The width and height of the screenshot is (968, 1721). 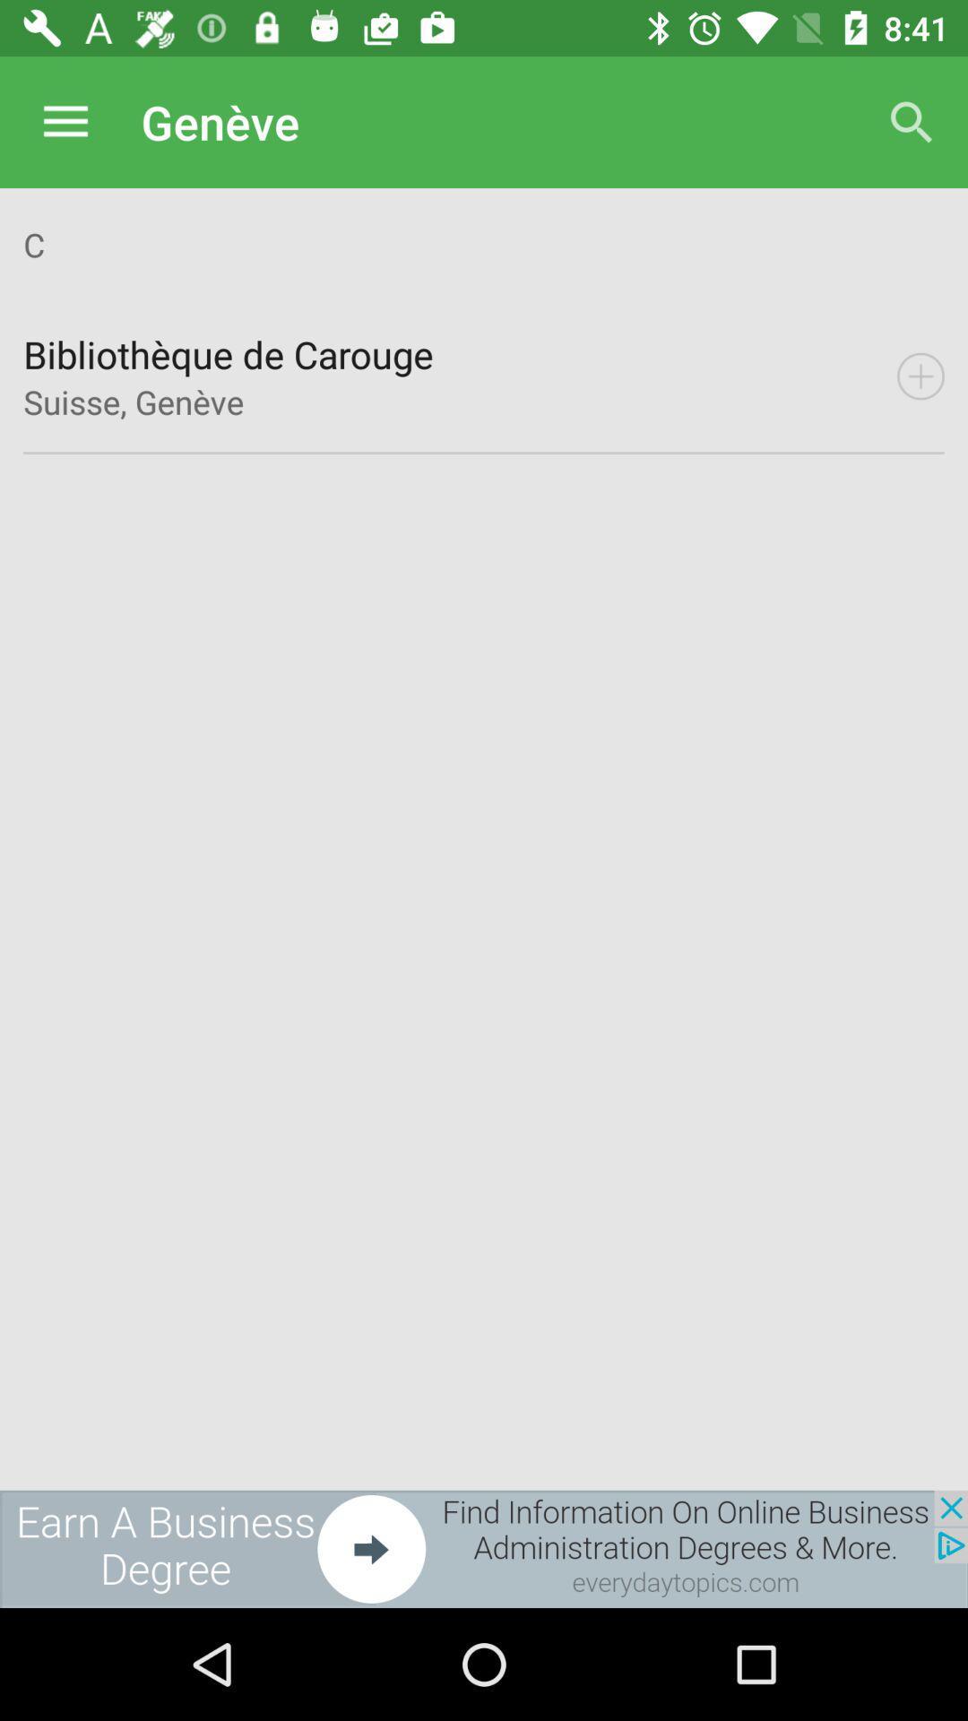 I want to click on information, so click(x=920, y=376).